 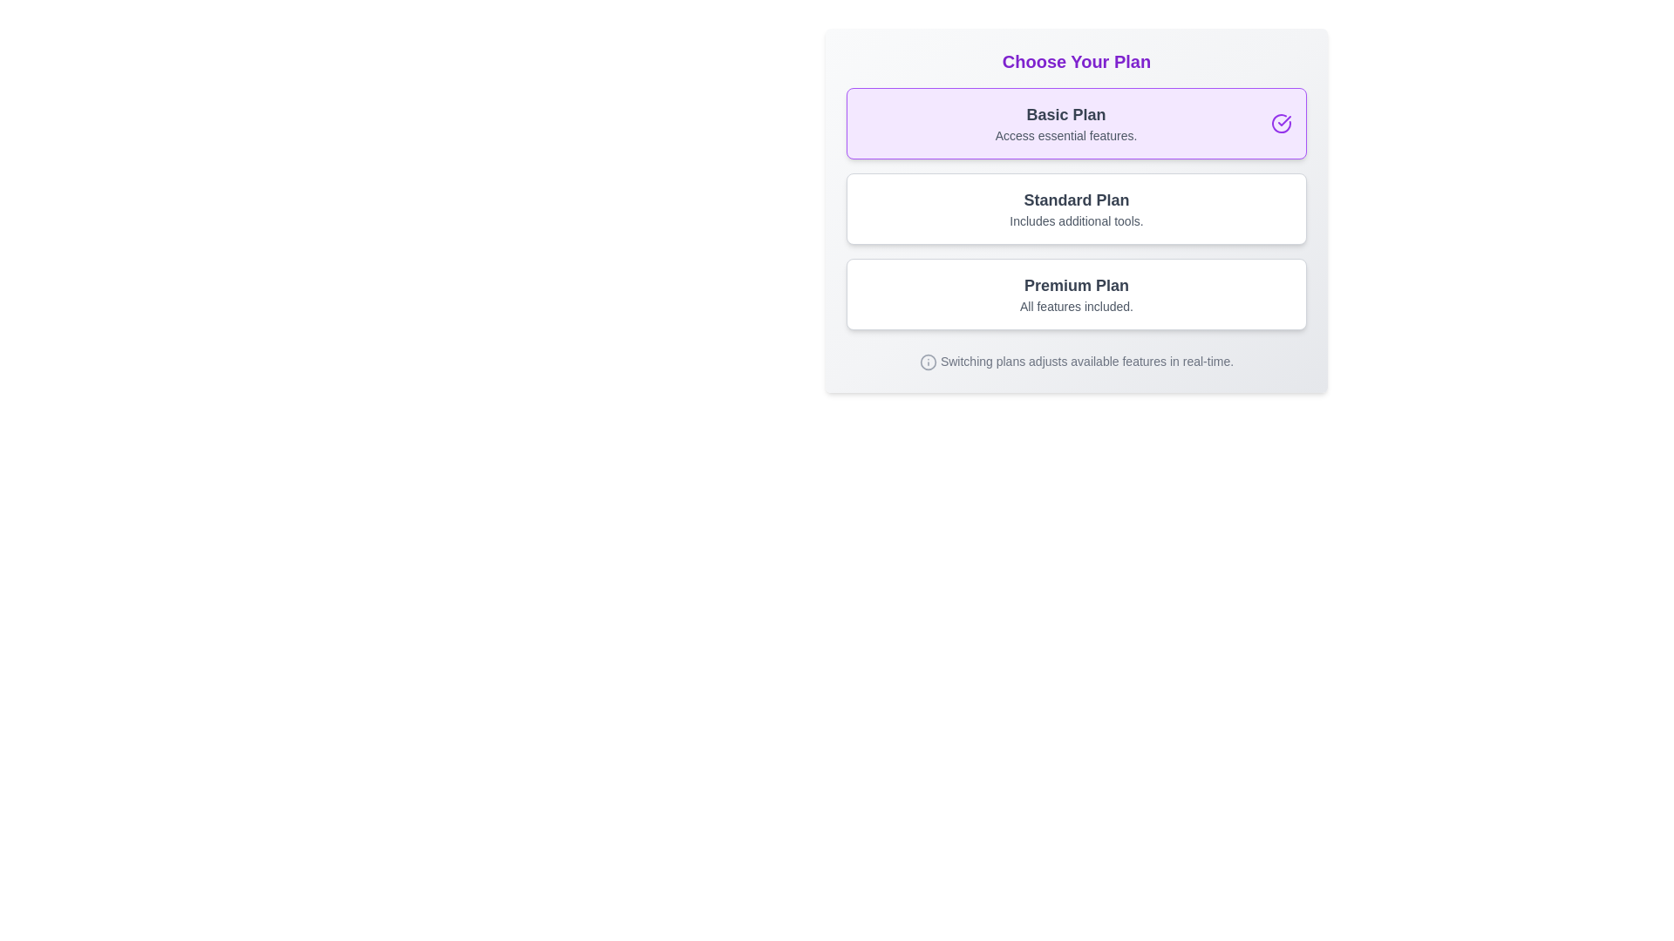 I want to click on the 'Standard Plan' selection card, which is the second card in a vertical list of three cards, so click(x=1075, y=210).